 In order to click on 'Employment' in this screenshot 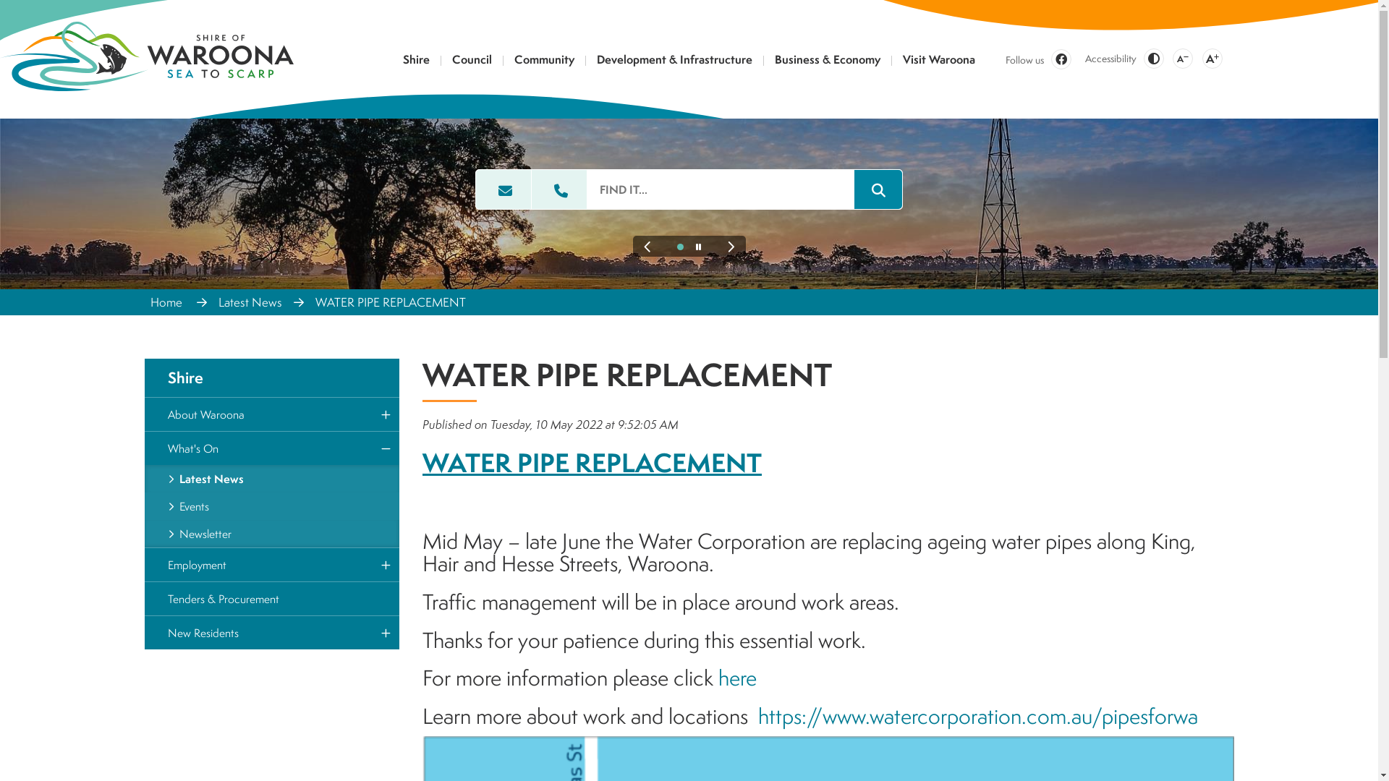, I will do `click(272, 563)`.